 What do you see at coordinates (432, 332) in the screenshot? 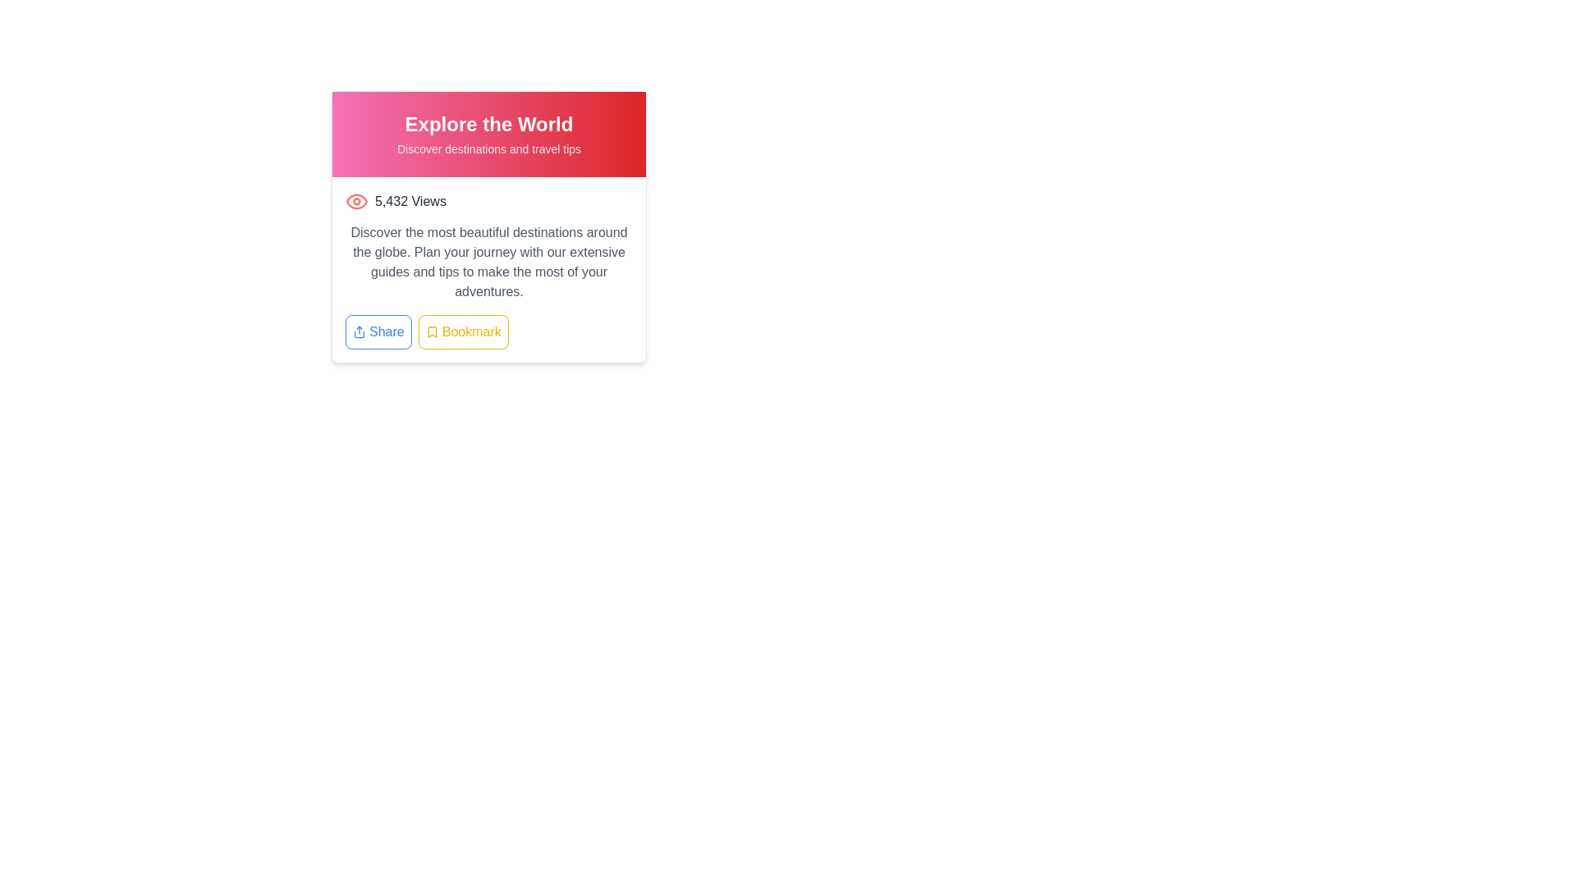
I see `the bookmark icon located within the 'Bookmark' button in the bottom right area of the card component` at bounding box center [432, 332].